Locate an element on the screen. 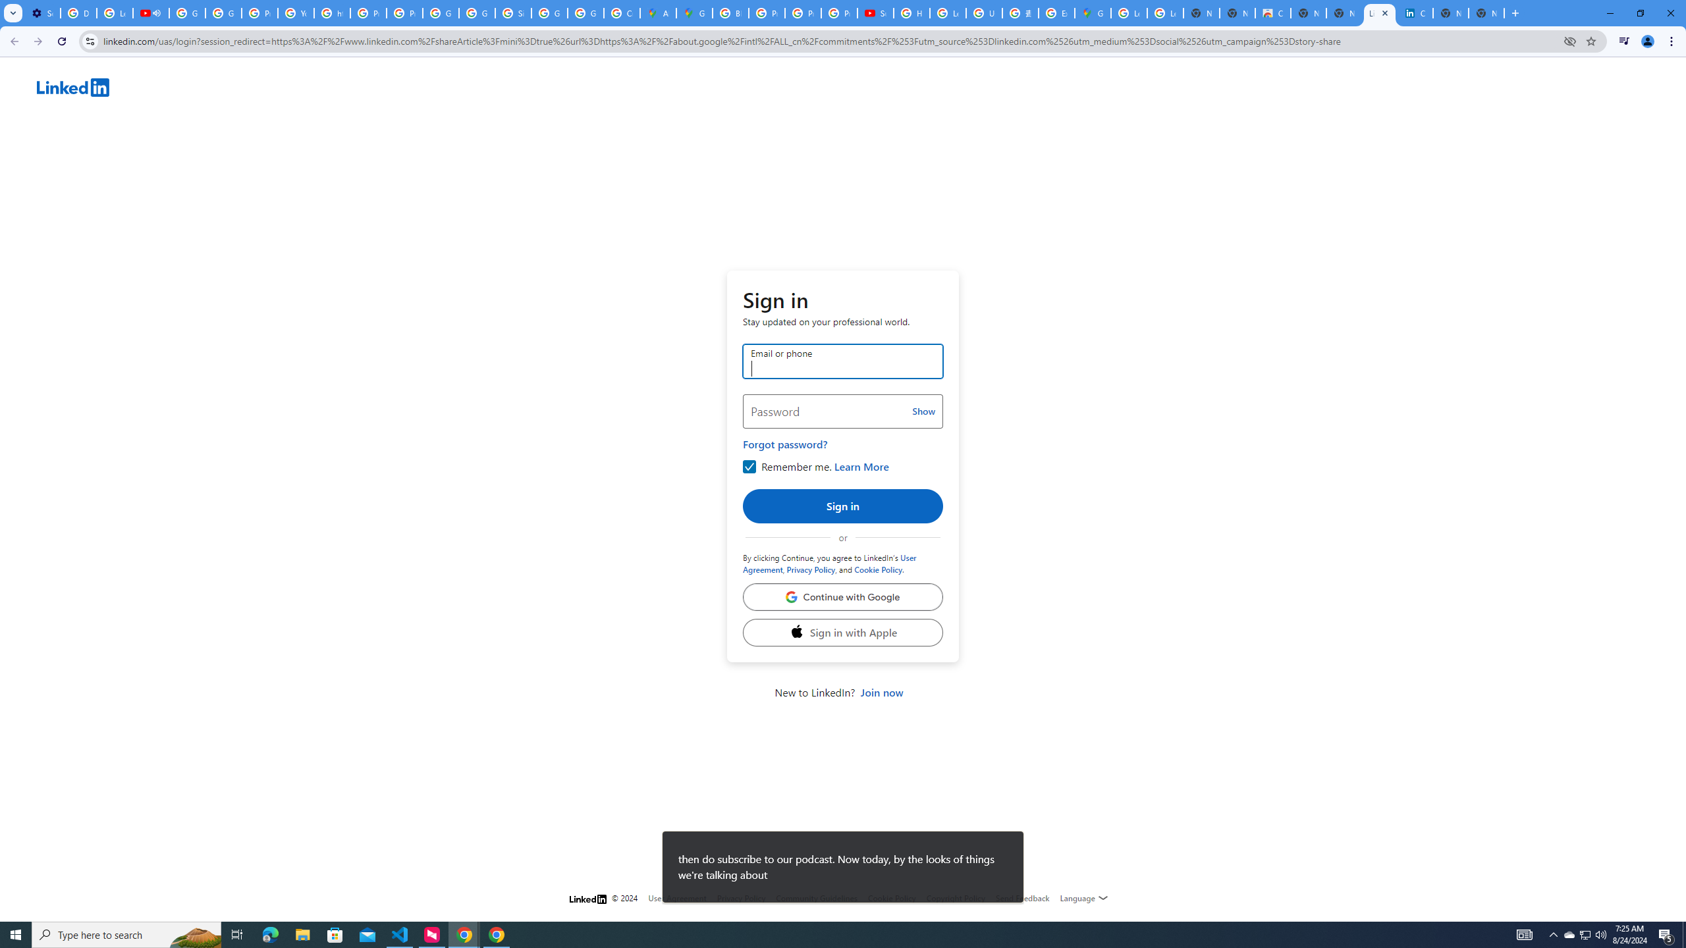 The height and width of the screenshot is (948, 1686). 'How Chrome protects your passwords - Google Chrome Help' is located at coordinates (911, 13).